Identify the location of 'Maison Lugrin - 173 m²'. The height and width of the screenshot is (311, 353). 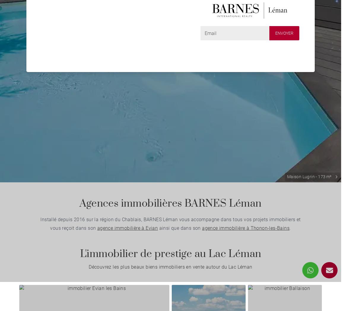
(309, 176).